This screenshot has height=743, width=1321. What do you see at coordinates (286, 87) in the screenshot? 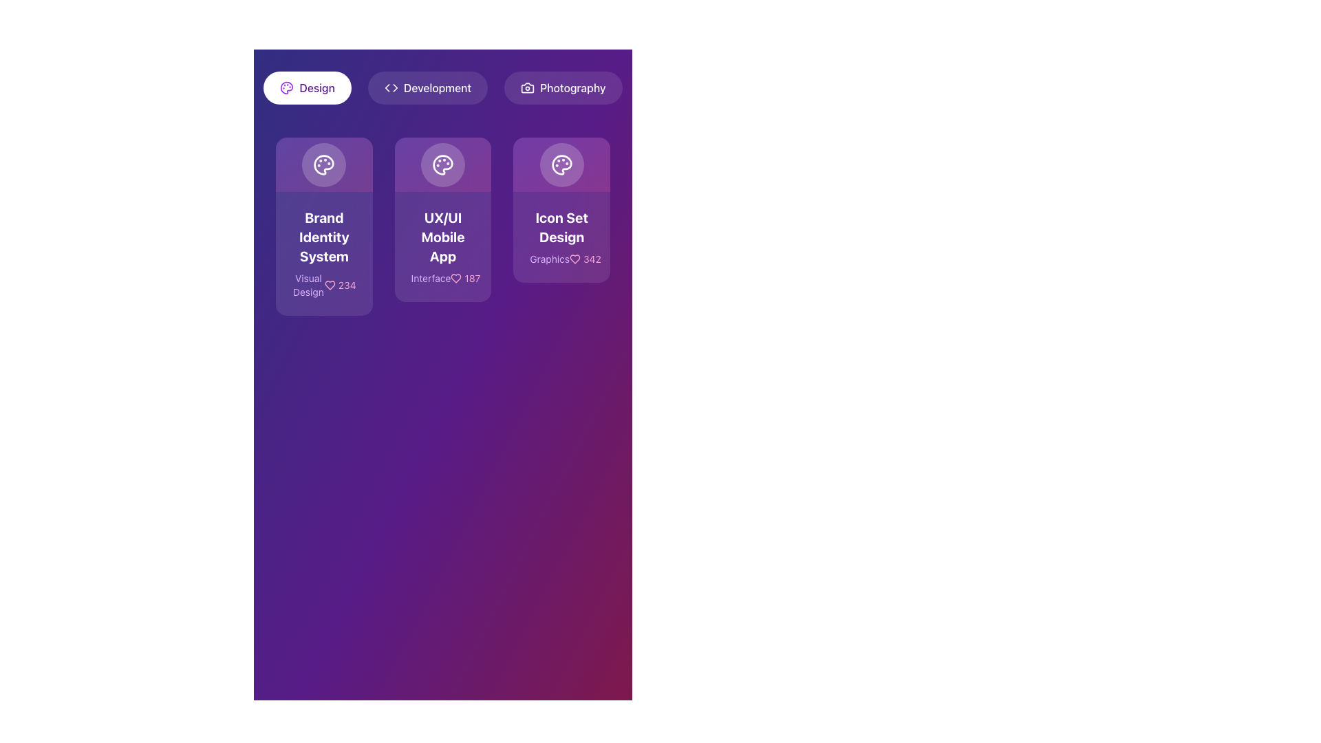
I see `the decorative SVG icon resembling a palette, located at the top center of the second rectangular card in the 'Design' category` at bounding box center [286, 87].